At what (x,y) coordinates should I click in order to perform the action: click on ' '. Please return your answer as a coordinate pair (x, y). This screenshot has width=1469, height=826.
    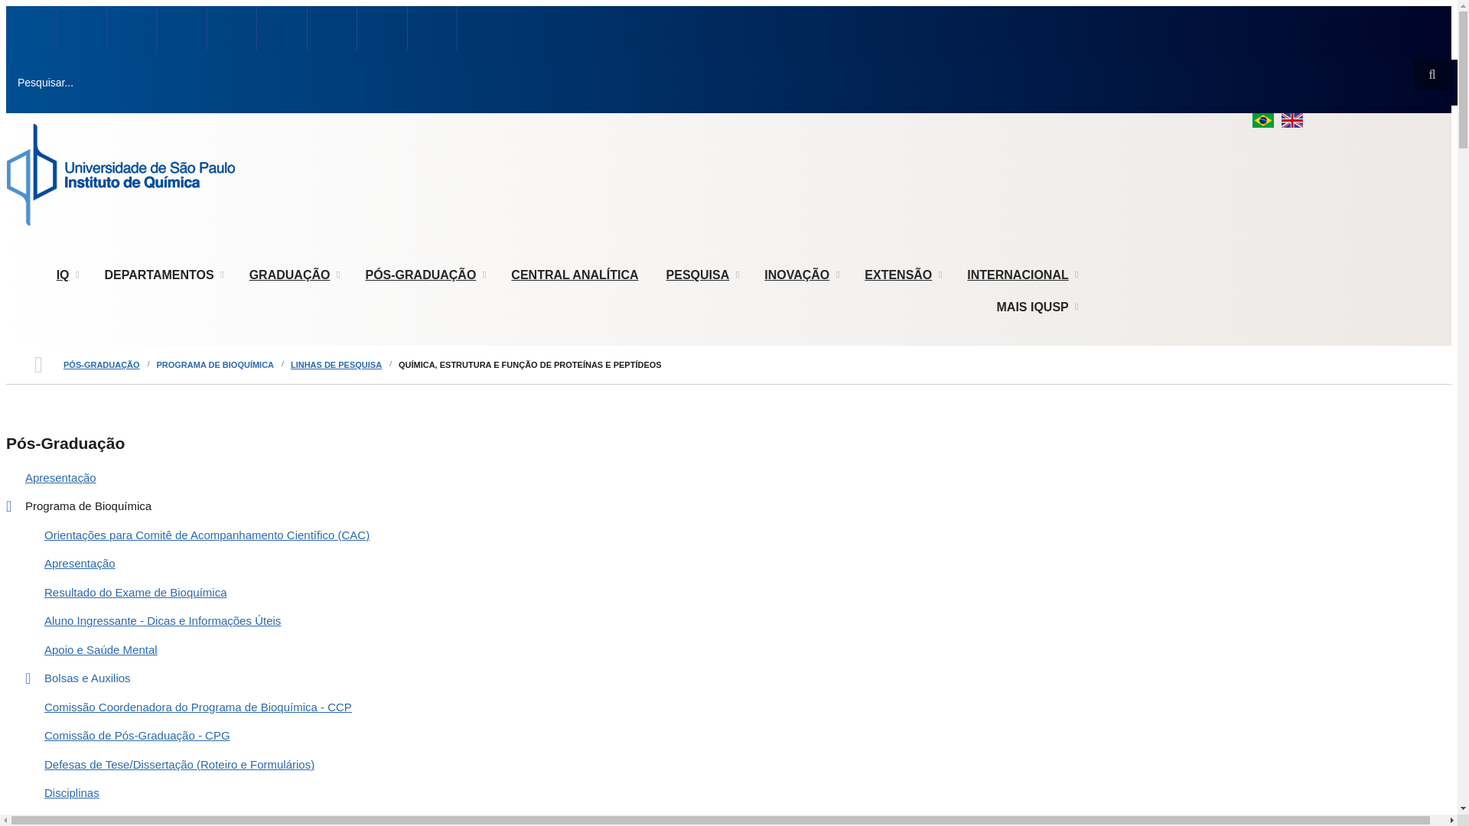
    Looking at the image, I should click on (80, 29).